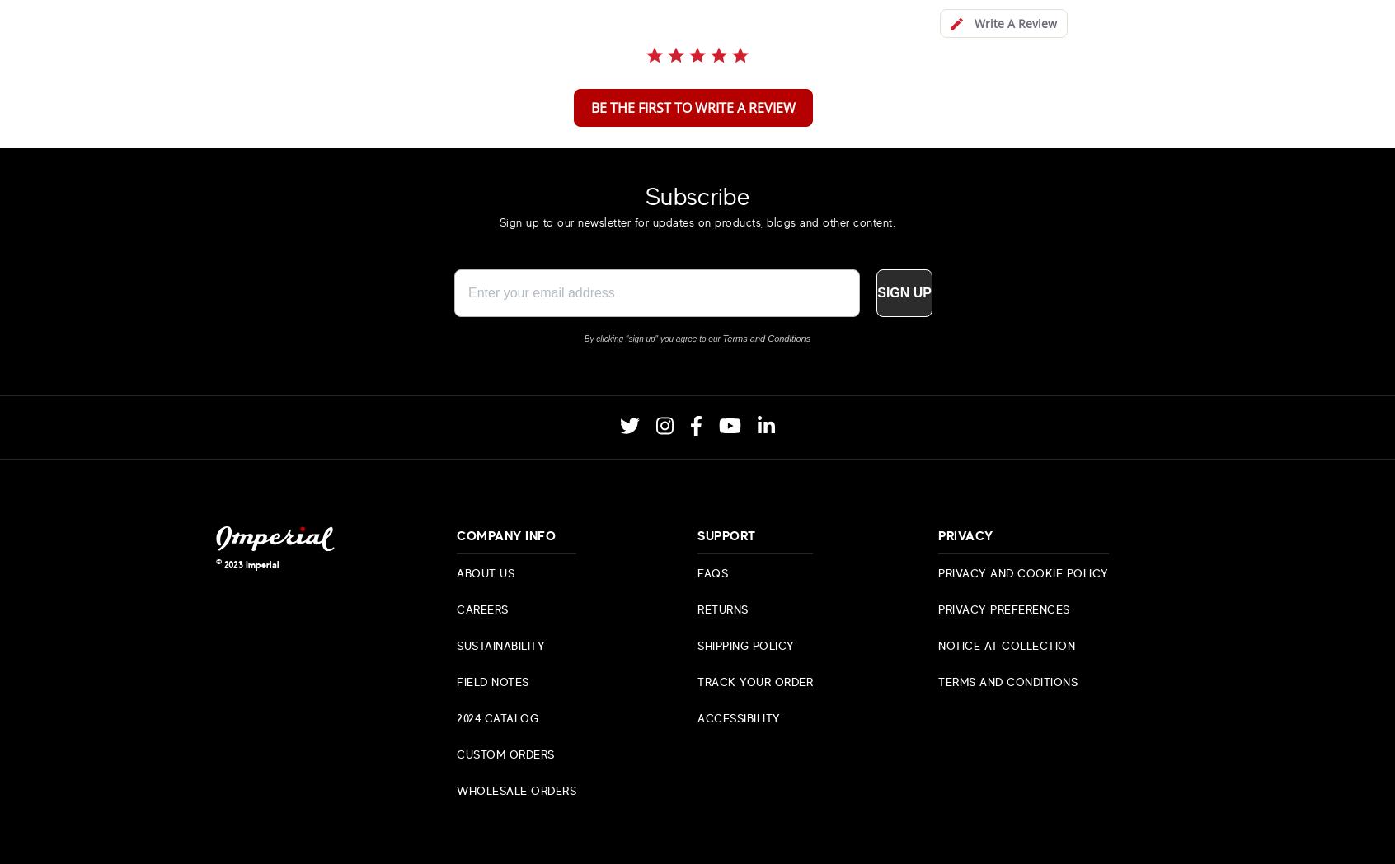 The height and width of the screenshot is (864, 1395). I want to click on '2023 Imperial', so click(250, 563).